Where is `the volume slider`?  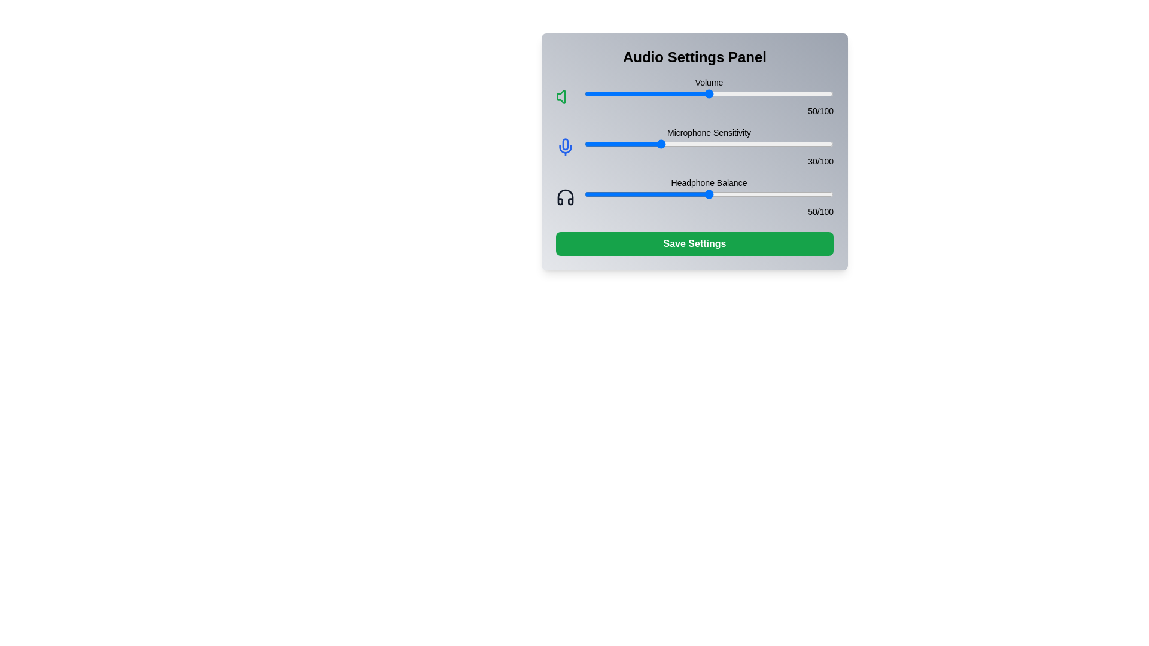 the volume slider is located at coordinates (731, 93).